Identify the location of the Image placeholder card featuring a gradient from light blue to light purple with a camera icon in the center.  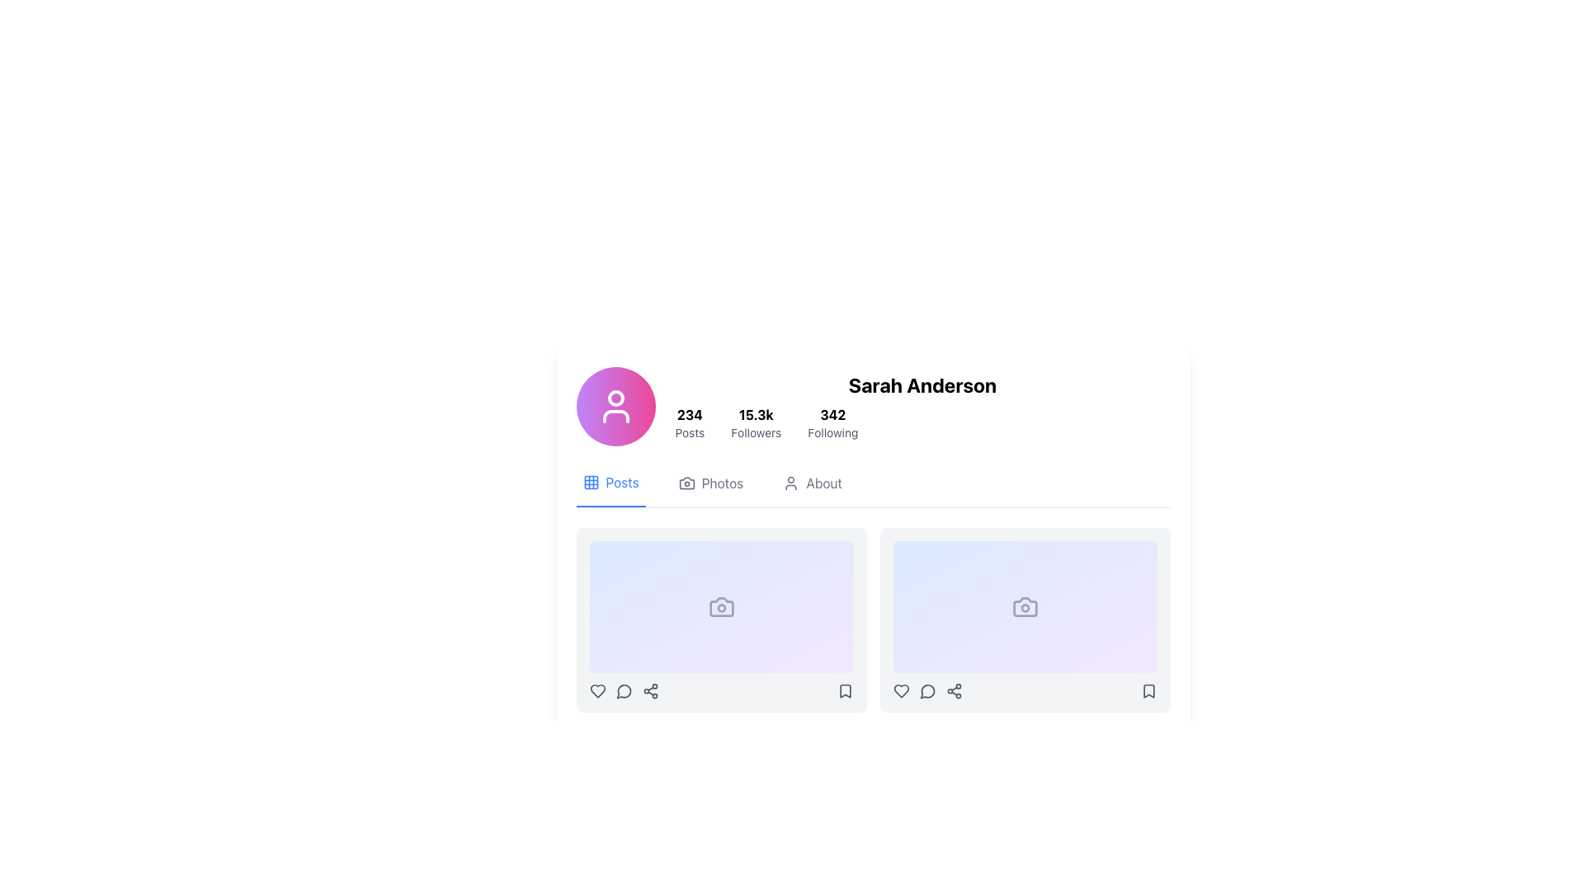
(1024, 607).